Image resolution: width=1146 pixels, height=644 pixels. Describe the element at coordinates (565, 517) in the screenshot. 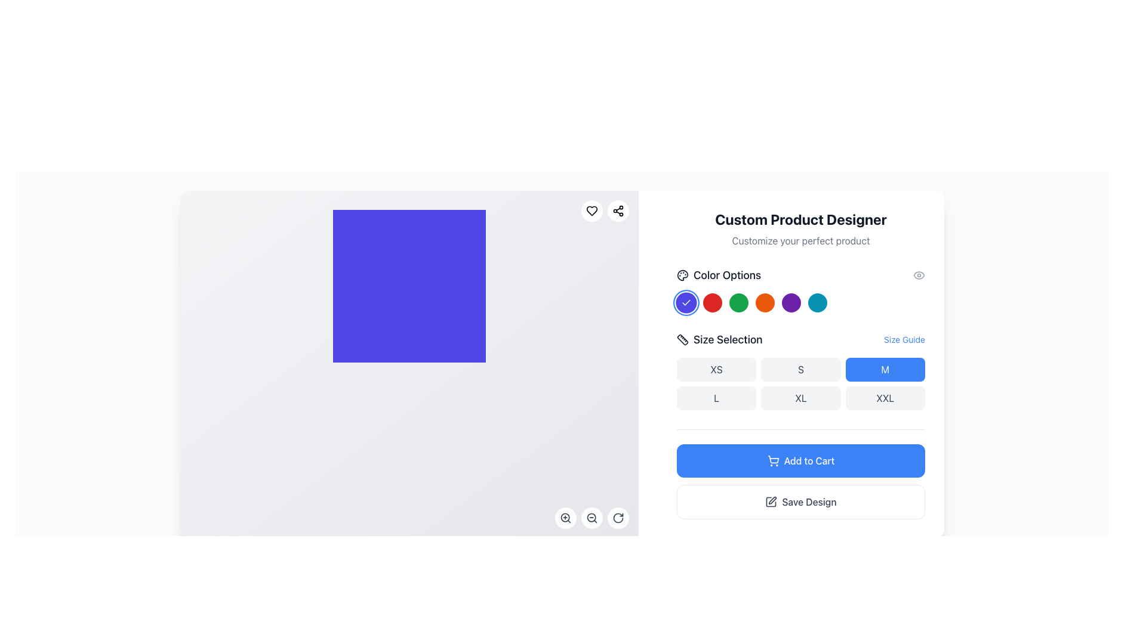

I see `the magnifying glass icon with a plus sign inside, located at the bottom-left corner of the interface, to zoom in` at that location.